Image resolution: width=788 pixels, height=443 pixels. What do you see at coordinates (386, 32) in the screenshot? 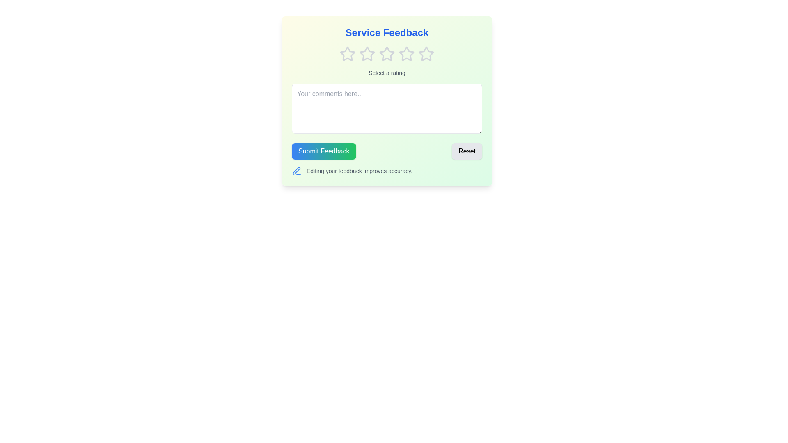
I see `the text label displaying 'Service Feedback', which is prominently featured at the top-center of the interface, above the star rating icons` at bounding box center [386, 32].